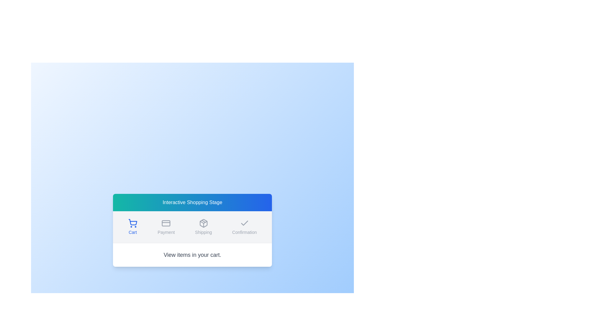 The width and height of the screenshot is (596, 335). I want to click on the triangular polygonal vector shape within the SVG graphic that represents shipping, located below the title 'Shipping' in the navigation steps, so click(203, 222).